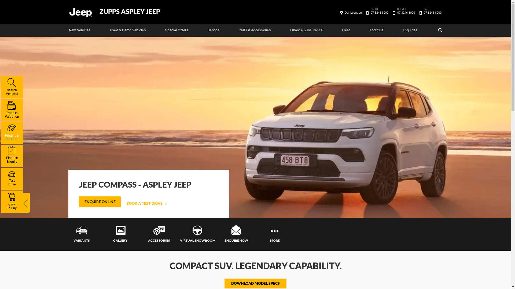 The width and height of the screenshot is (515, 289). What do you see at coordinates (12, 201) in the screenshot?
I see `'Click` at bounding box center [12, 201].